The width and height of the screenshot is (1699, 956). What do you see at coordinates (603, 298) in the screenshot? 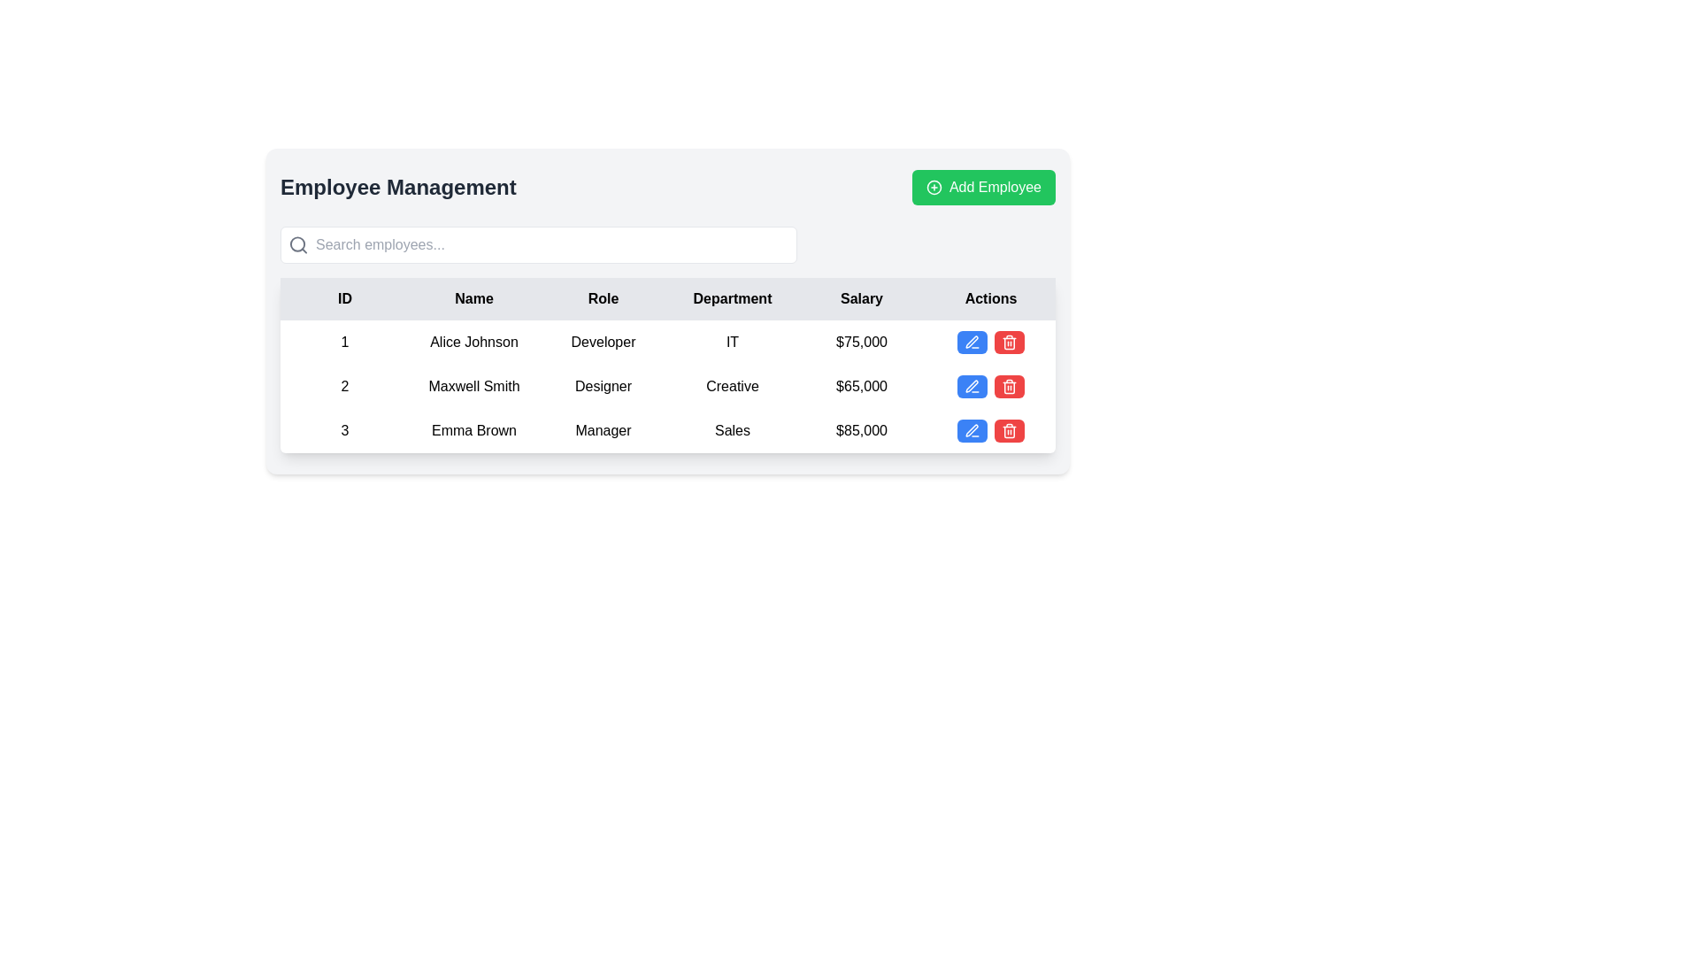
I see `the 'Role' column header text label, which is the third header in a row of six headers, positioned between 'Name' and 'Department'` at bounding box center [603, 298].